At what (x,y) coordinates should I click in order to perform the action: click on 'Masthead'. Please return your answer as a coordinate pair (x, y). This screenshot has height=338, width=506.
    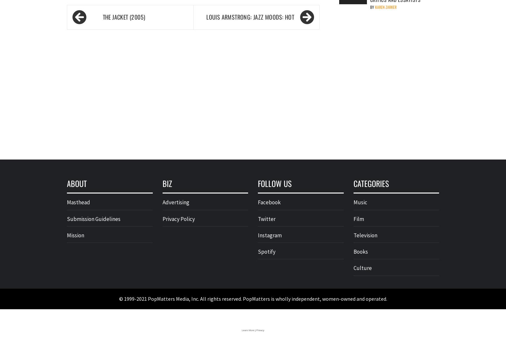
    Looking at the image, I should click on (78, 202).